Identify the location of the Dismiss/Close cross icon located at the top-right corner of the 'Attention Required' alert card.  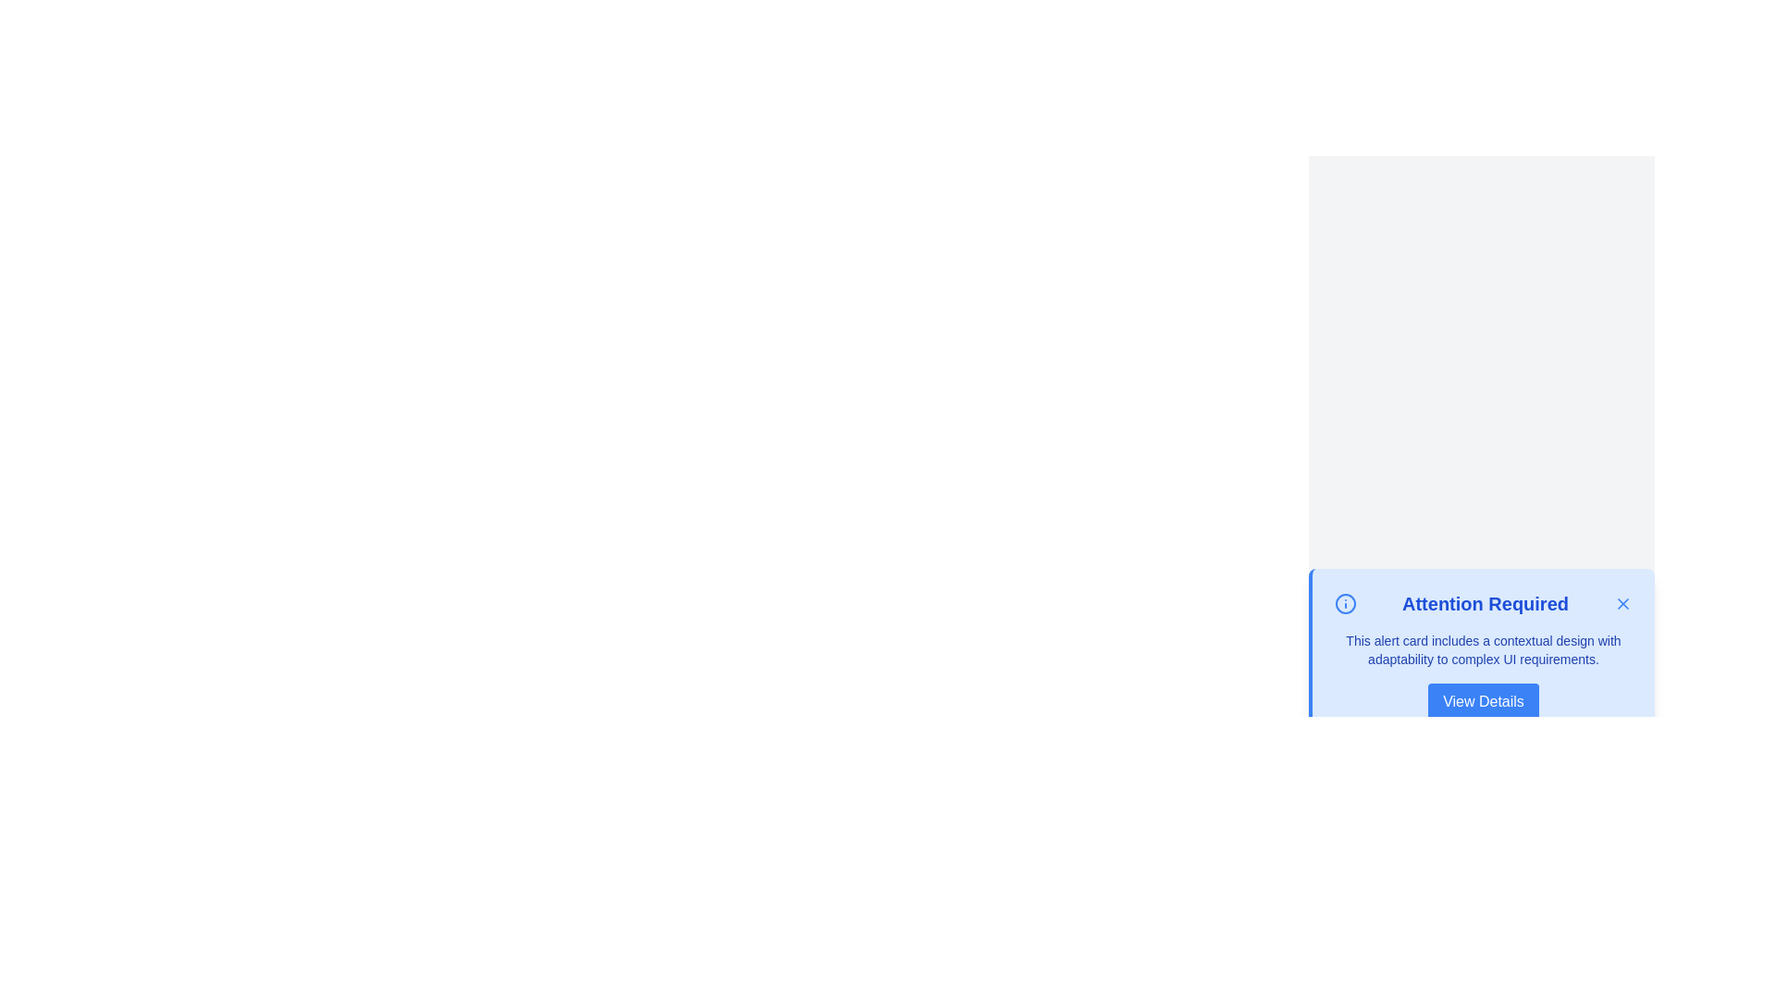
(1622, 603).